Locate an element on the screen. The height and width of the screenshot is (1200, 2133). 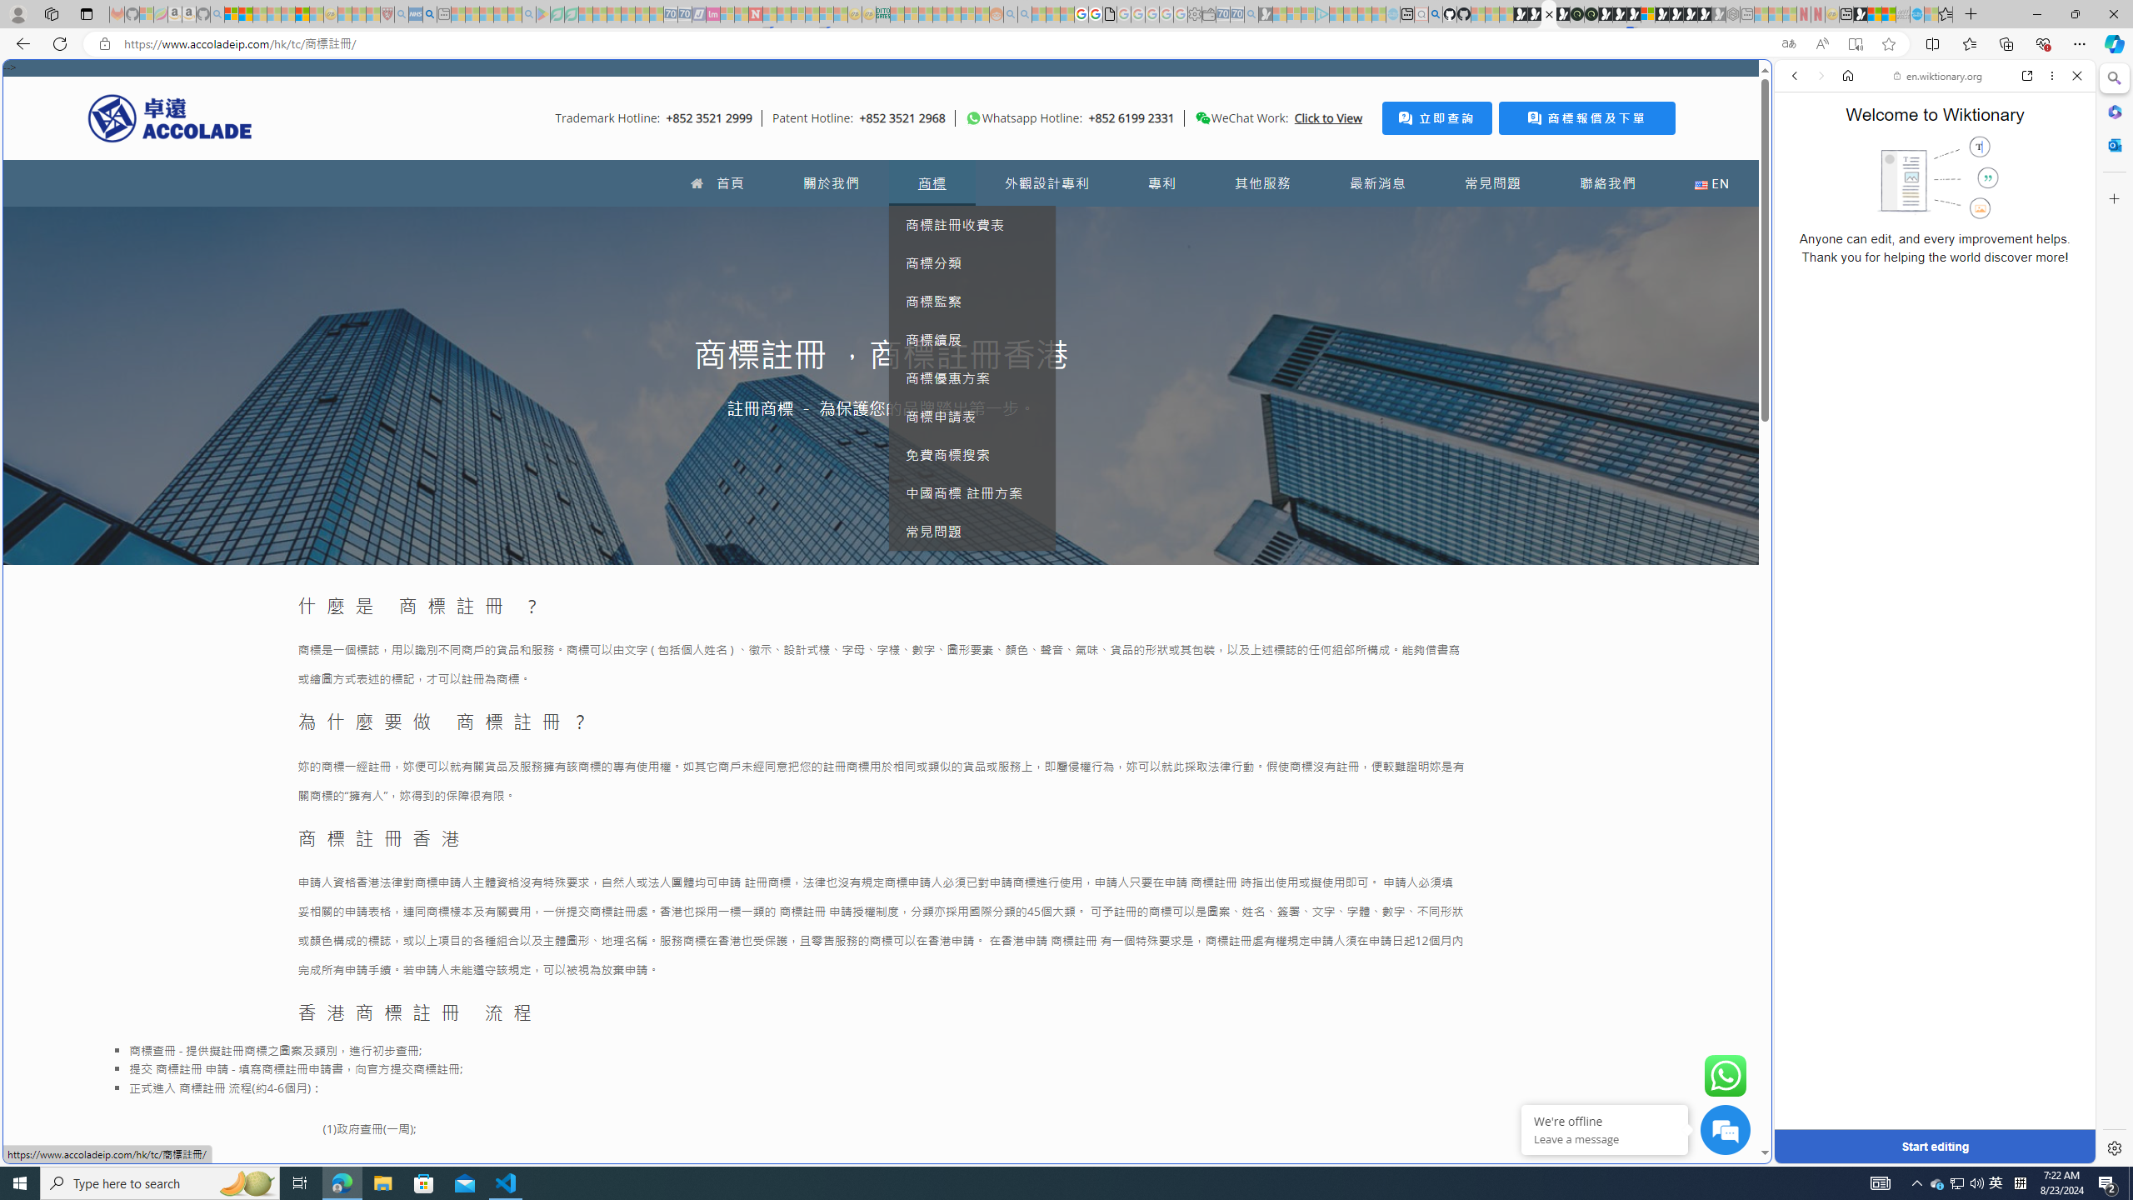
'Services - Maintenance | Sky Blue Bikes - Sky Blue Bikes' is located at coordinates (1916, 13).